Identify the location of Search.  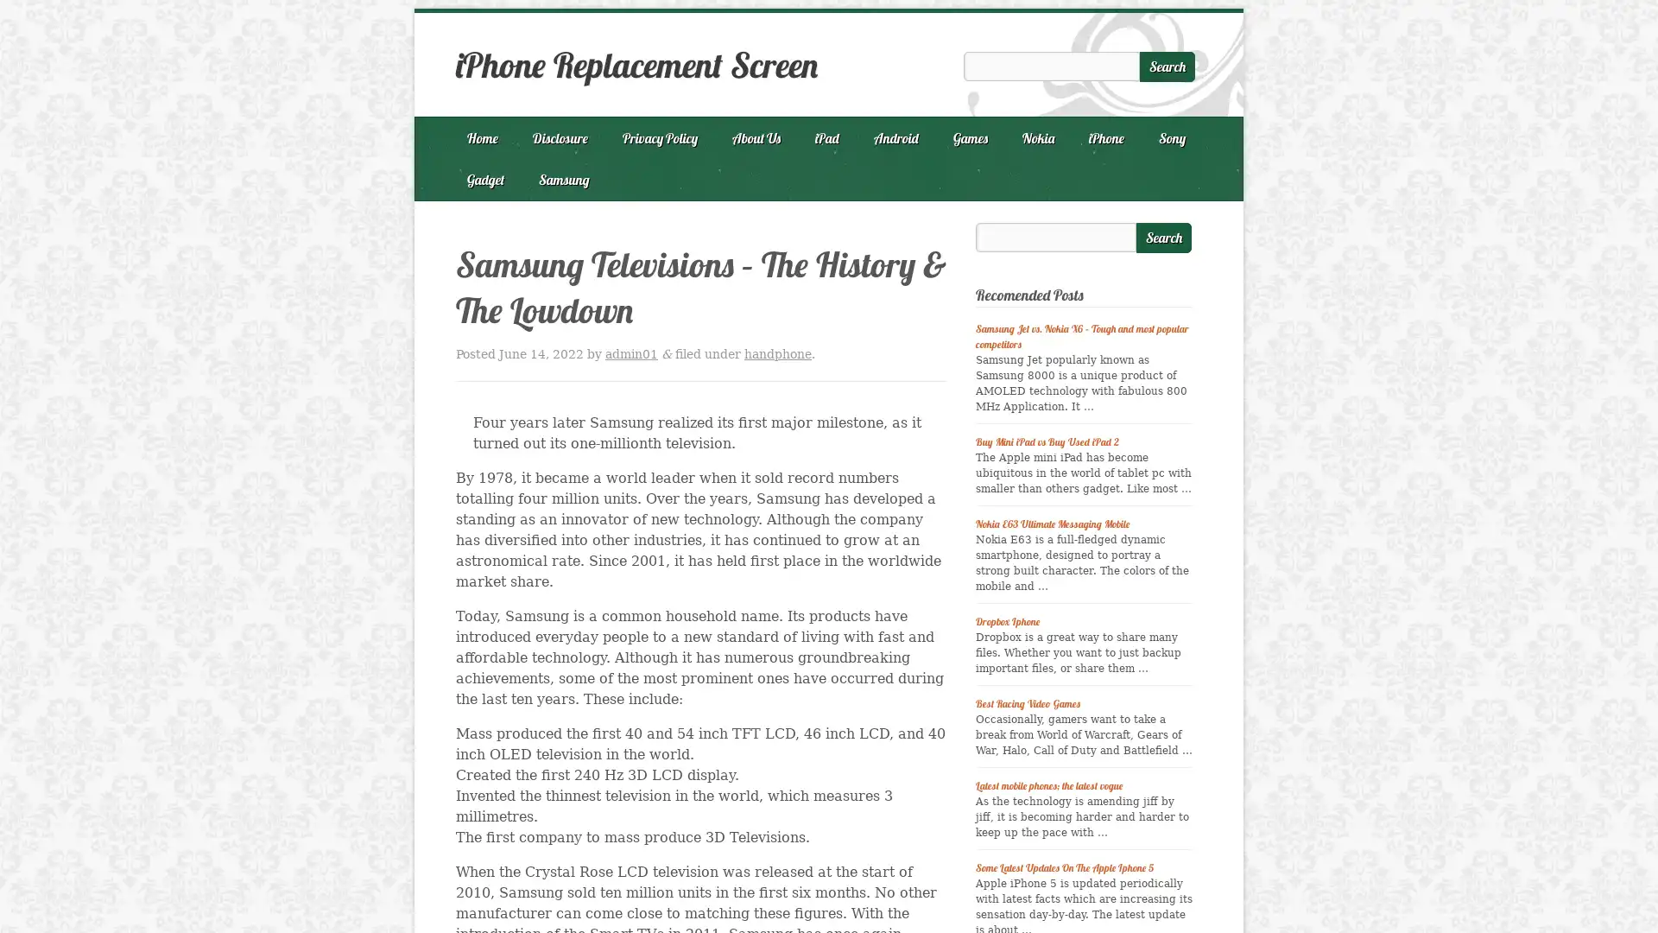
(1164, 238).